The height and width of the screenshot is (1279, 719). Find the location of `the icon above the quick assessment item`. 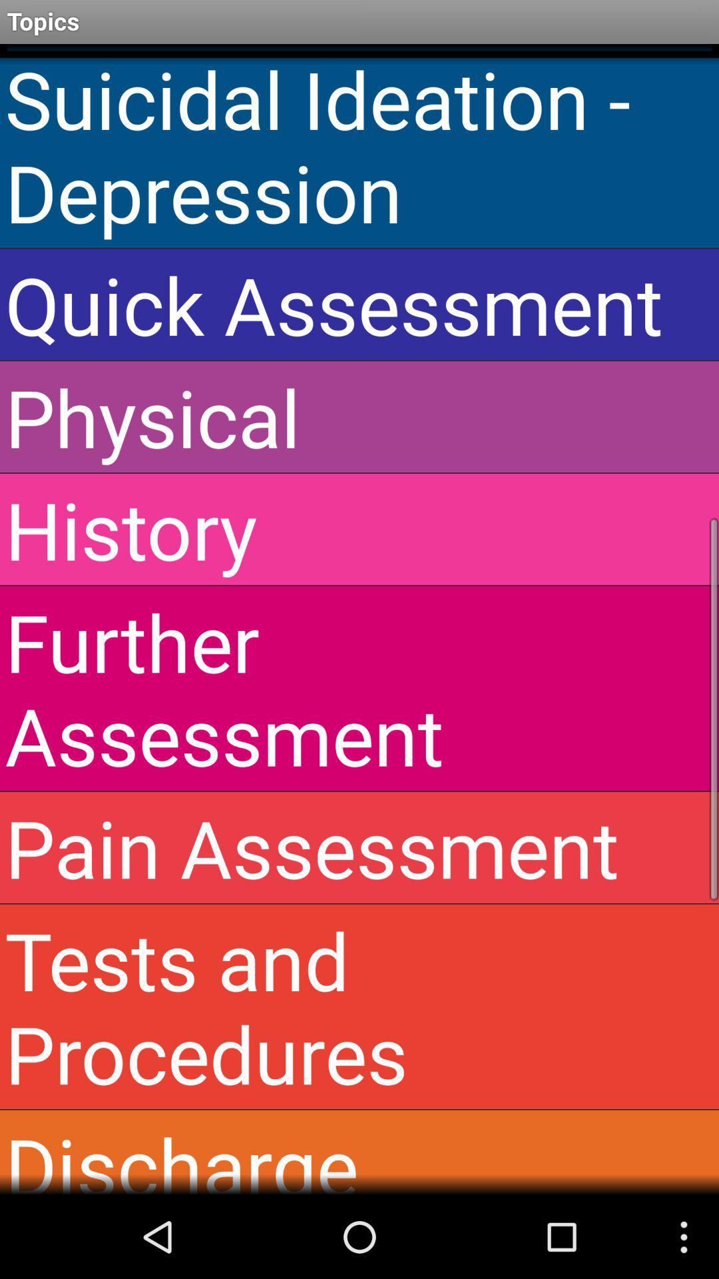

the icon above the quick assessment item is located at coordinates (359, 146).